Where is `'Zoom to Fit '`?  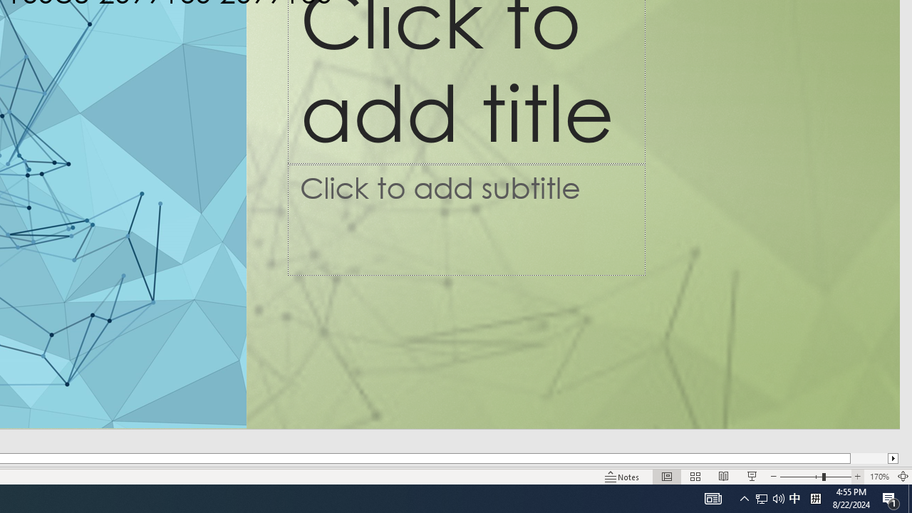 'Zoom to Fit ' is located at coordinates (902, 477).